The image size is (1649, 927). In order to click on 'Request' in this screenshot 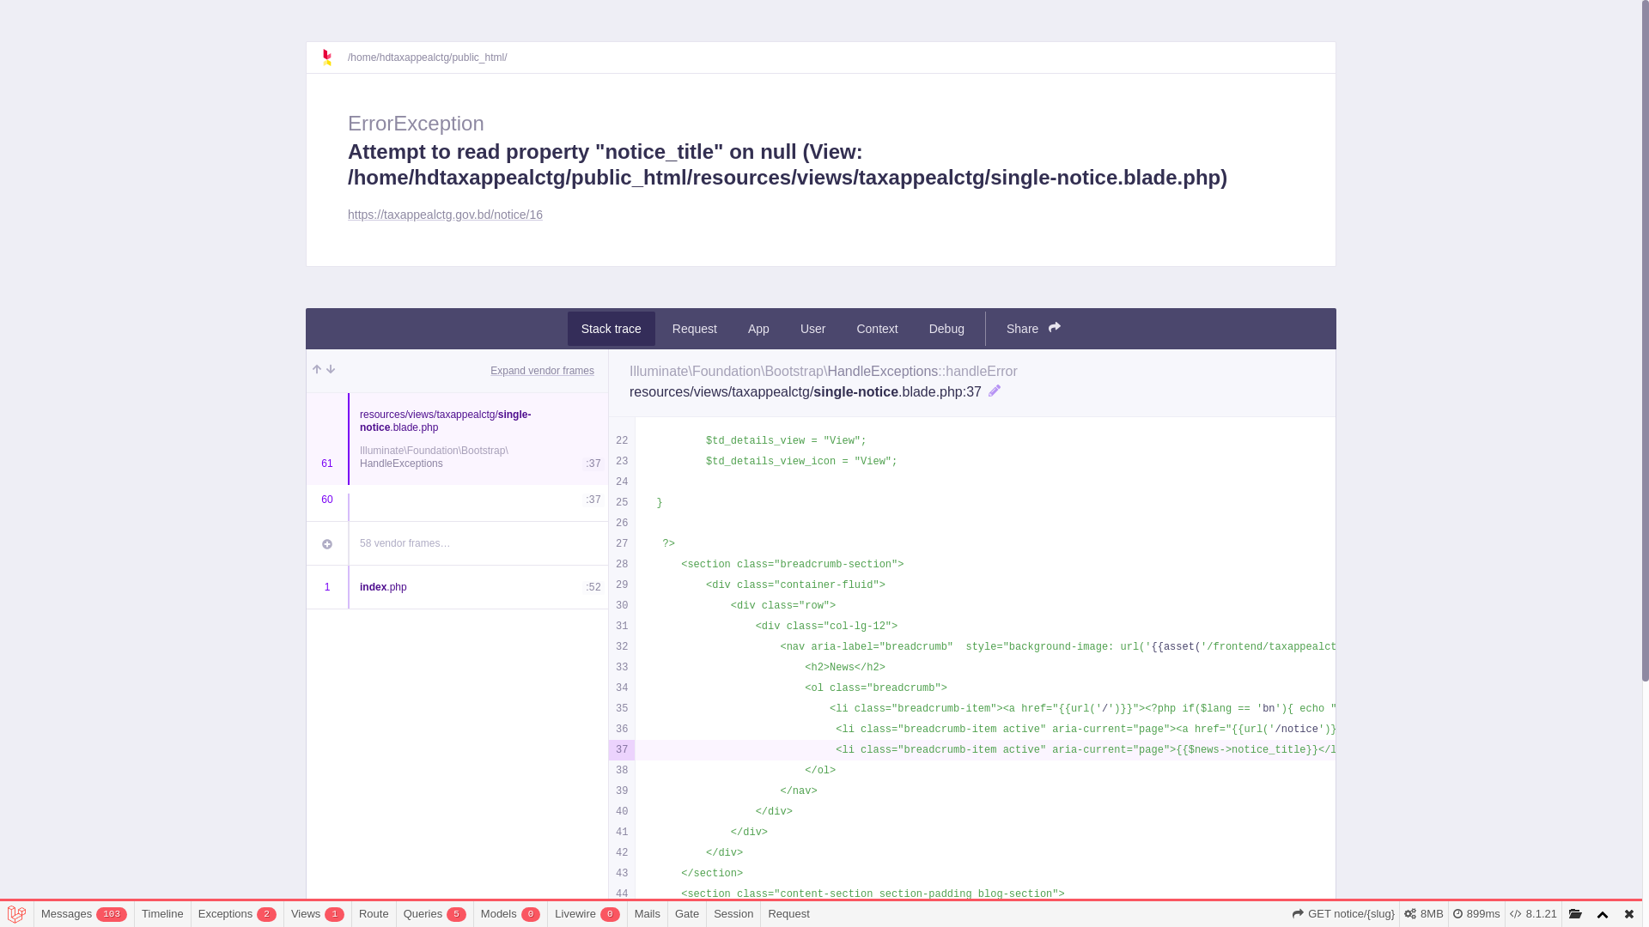, I will do `click(695, 328)`.